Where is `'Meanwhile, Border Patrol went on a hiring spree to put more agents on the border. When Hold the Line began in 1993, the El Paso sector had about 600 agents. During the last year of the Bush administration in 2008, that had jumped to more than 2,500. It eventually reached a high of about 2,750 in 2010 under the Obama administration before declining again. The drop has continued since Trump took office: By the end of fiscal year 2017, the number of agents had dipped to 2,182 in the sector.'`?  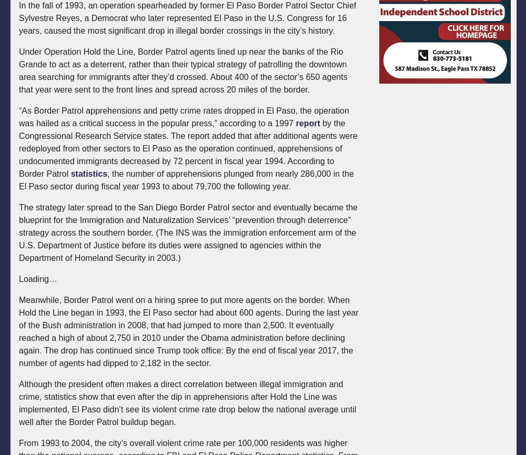
'Meanwhile, Border Patrol went on a hiring spree to put more agents on the border. When Hold the Line began in 1993, the El Paso sector had about 600 agents. During the last year of the Bush administration in 2008, that had jumped to more than 2,500. It eventually reached a high of about 2,750 in 2010 under the Obama administration before declining again. The drop has continued since Trump took office: By the end of fiscal year 2017, the number of agents had dipped to 2,182 in the sector.' is located at coordinates (188, 331).